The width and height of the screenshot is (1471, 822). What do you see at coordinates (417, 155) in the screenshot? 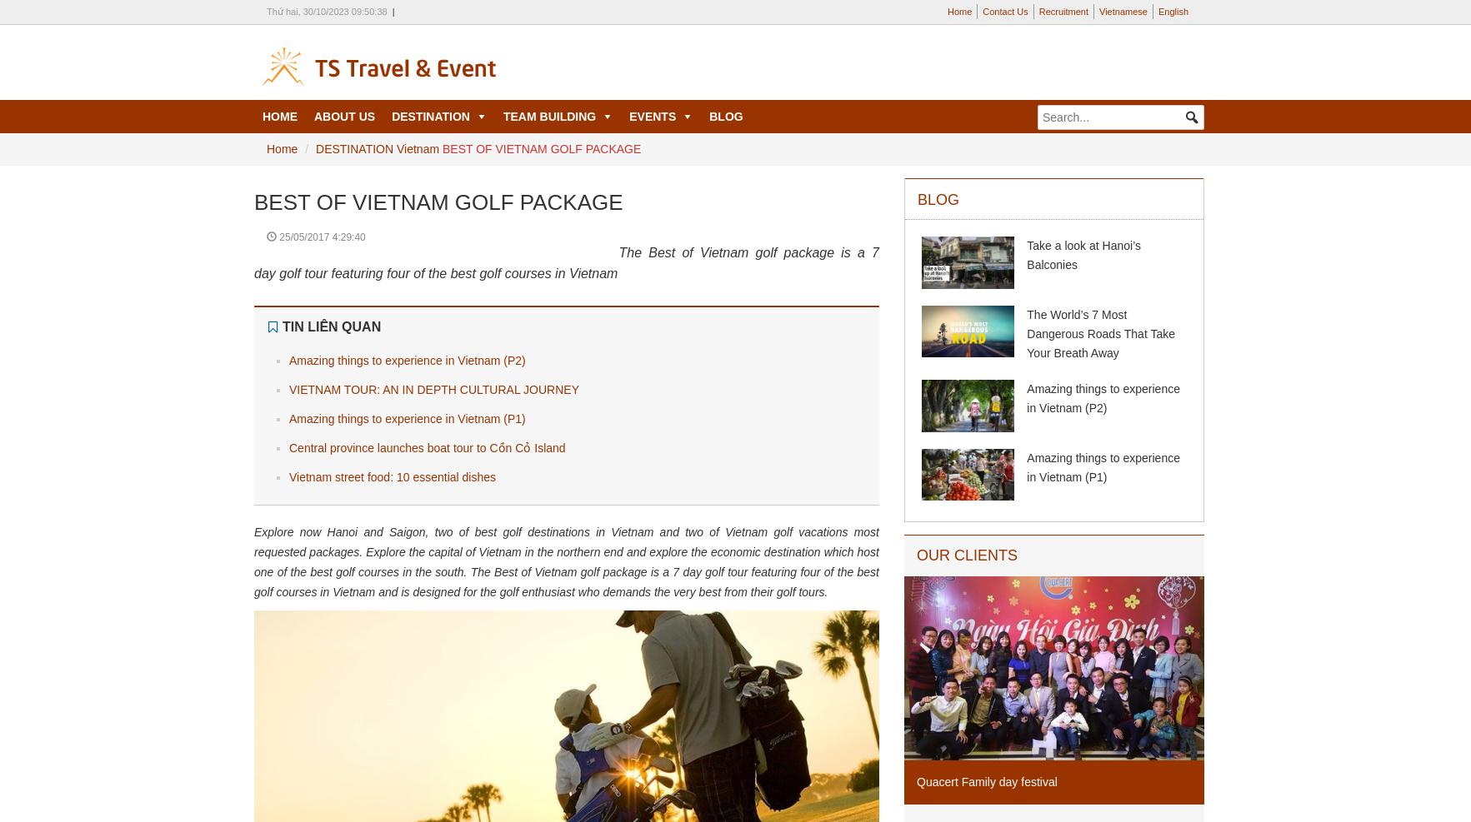
I see `'VIETNAM'` at bounding box center [417, 155].